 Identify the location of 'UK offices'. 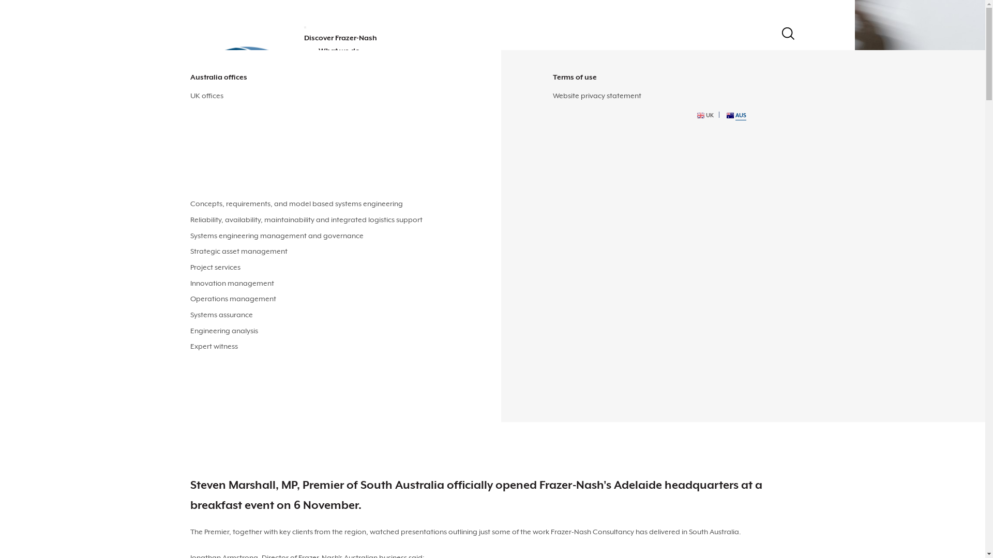
(206, 96).